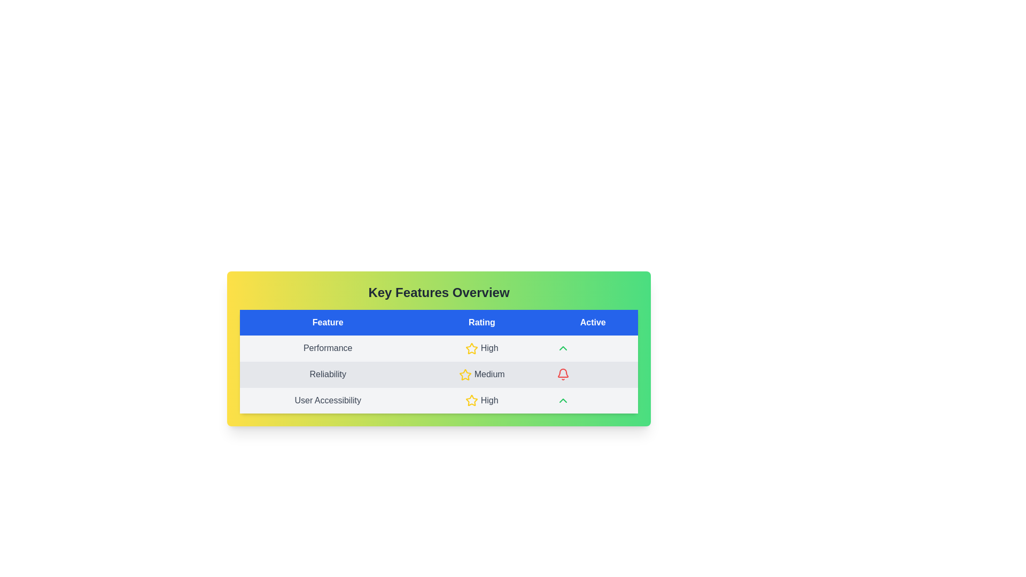  I want to click on the empty cell in the 'Active' column of the table, specifically in the row labeled 'User Accessibility', so click(592, 400).